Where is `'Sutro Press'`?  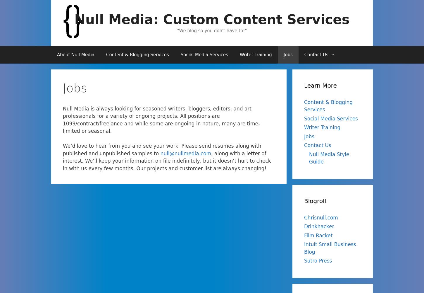
'Sutro Press' is located at coordinates (318, 261).